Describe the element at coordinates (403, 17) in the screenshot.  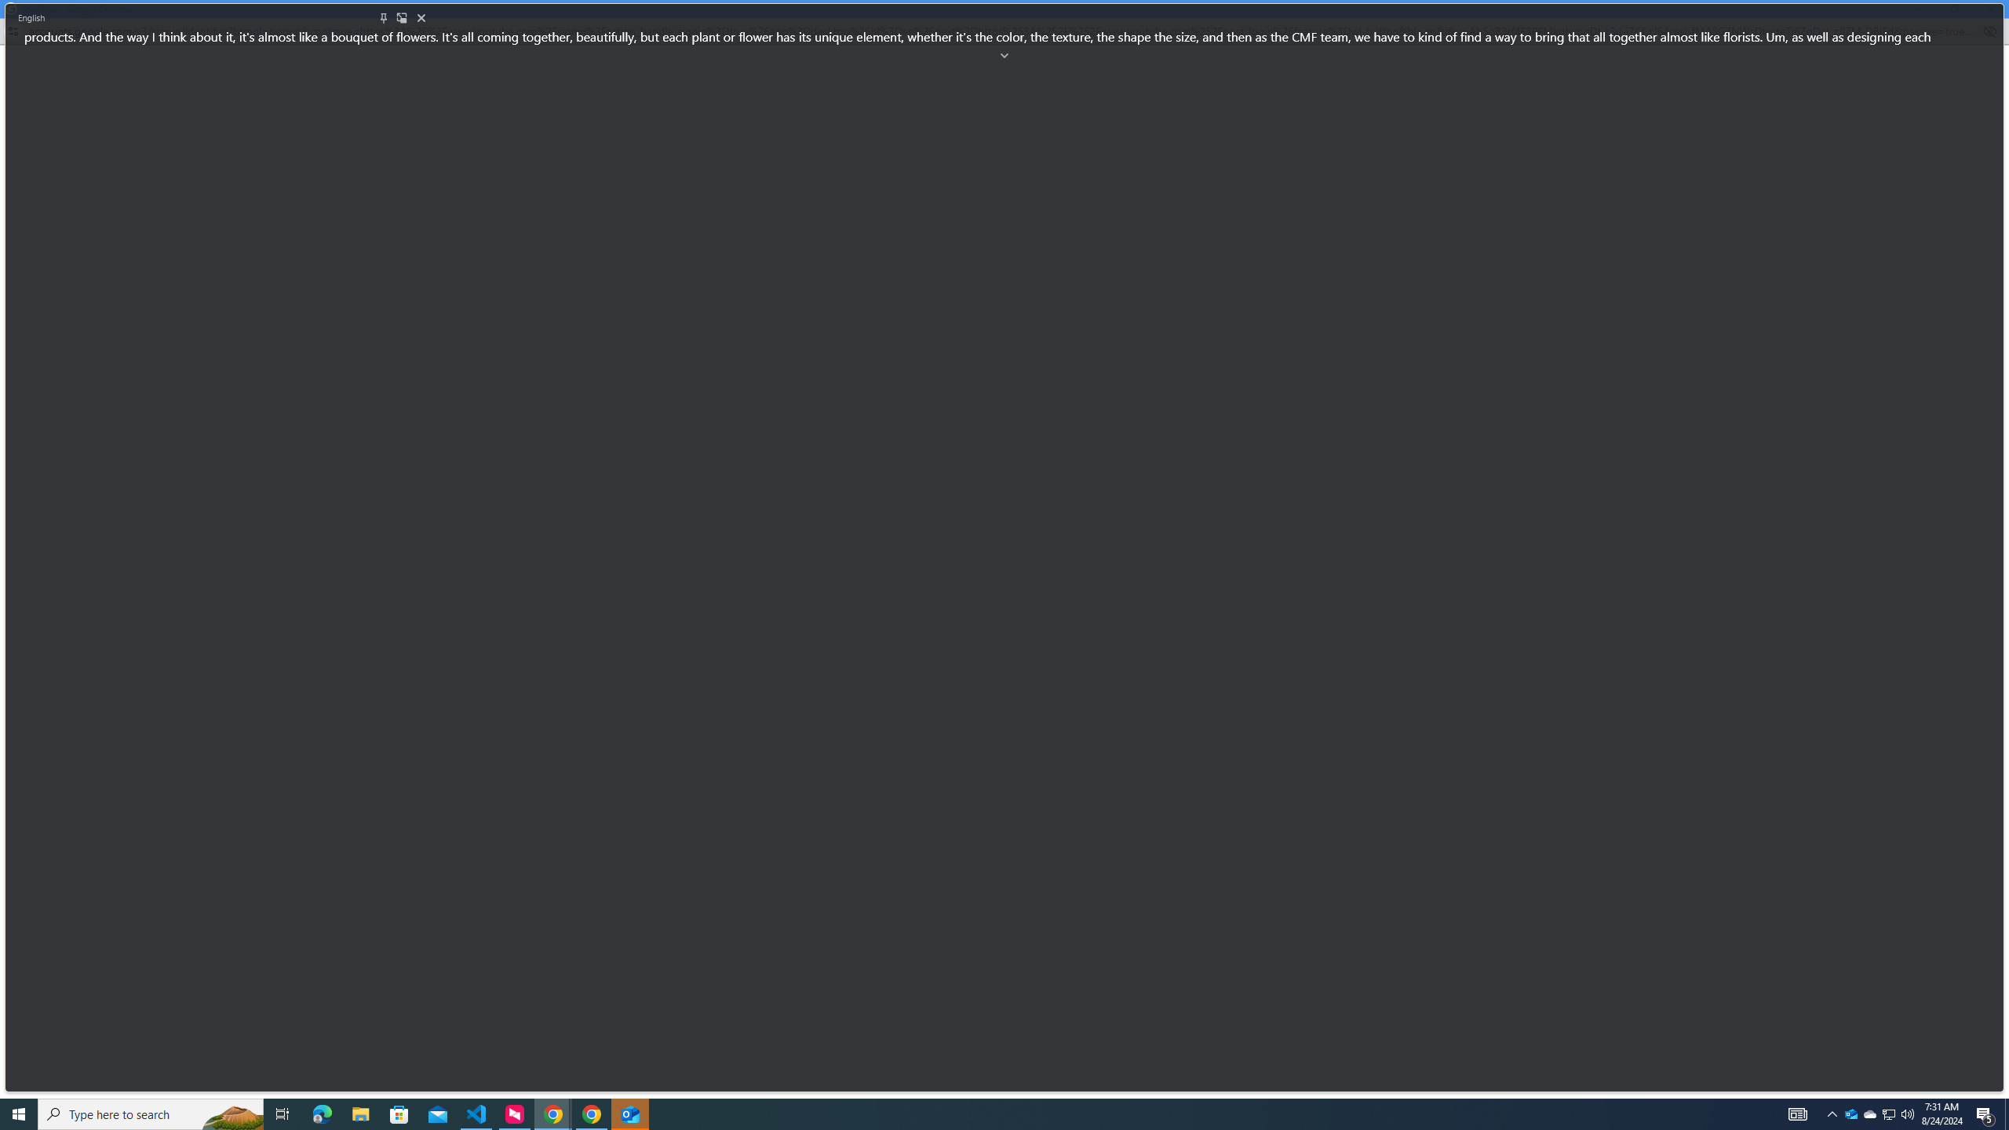
I see `'Back to tab'` at that location.